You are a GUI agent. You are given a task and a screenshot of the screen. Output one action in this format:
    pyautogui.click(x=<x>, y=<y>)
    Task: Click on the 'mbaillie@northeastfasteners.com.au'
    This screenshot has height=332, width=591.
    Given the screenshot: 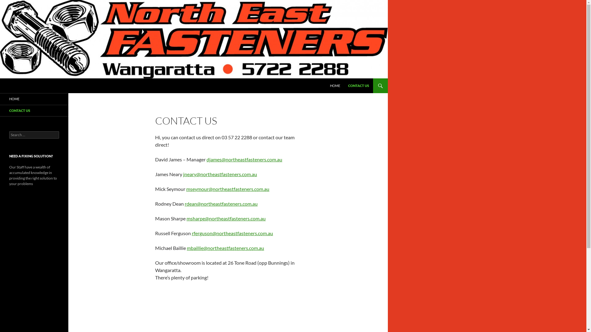 What is the action you would take?
    pyautogui.click(x=225, y=247)
    